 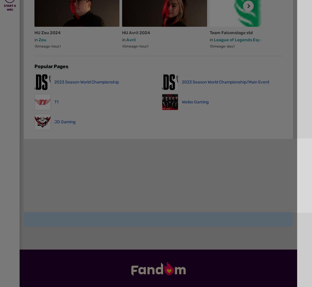 What do you see at coordinates (160, 70) in the screenshot?
I see `'Shadow Dance represents a lot of what we like about Akali’s kill pattern - it’s telegraphed, has appropriate downtime between casts, and gives the opposing team time to react with their abilities to help peel her prey. Considering all of that, we feel like it’s a good spot to help Akali successfully chain from one kill to the next once she gets going.'` at bounding box center [160, 70].